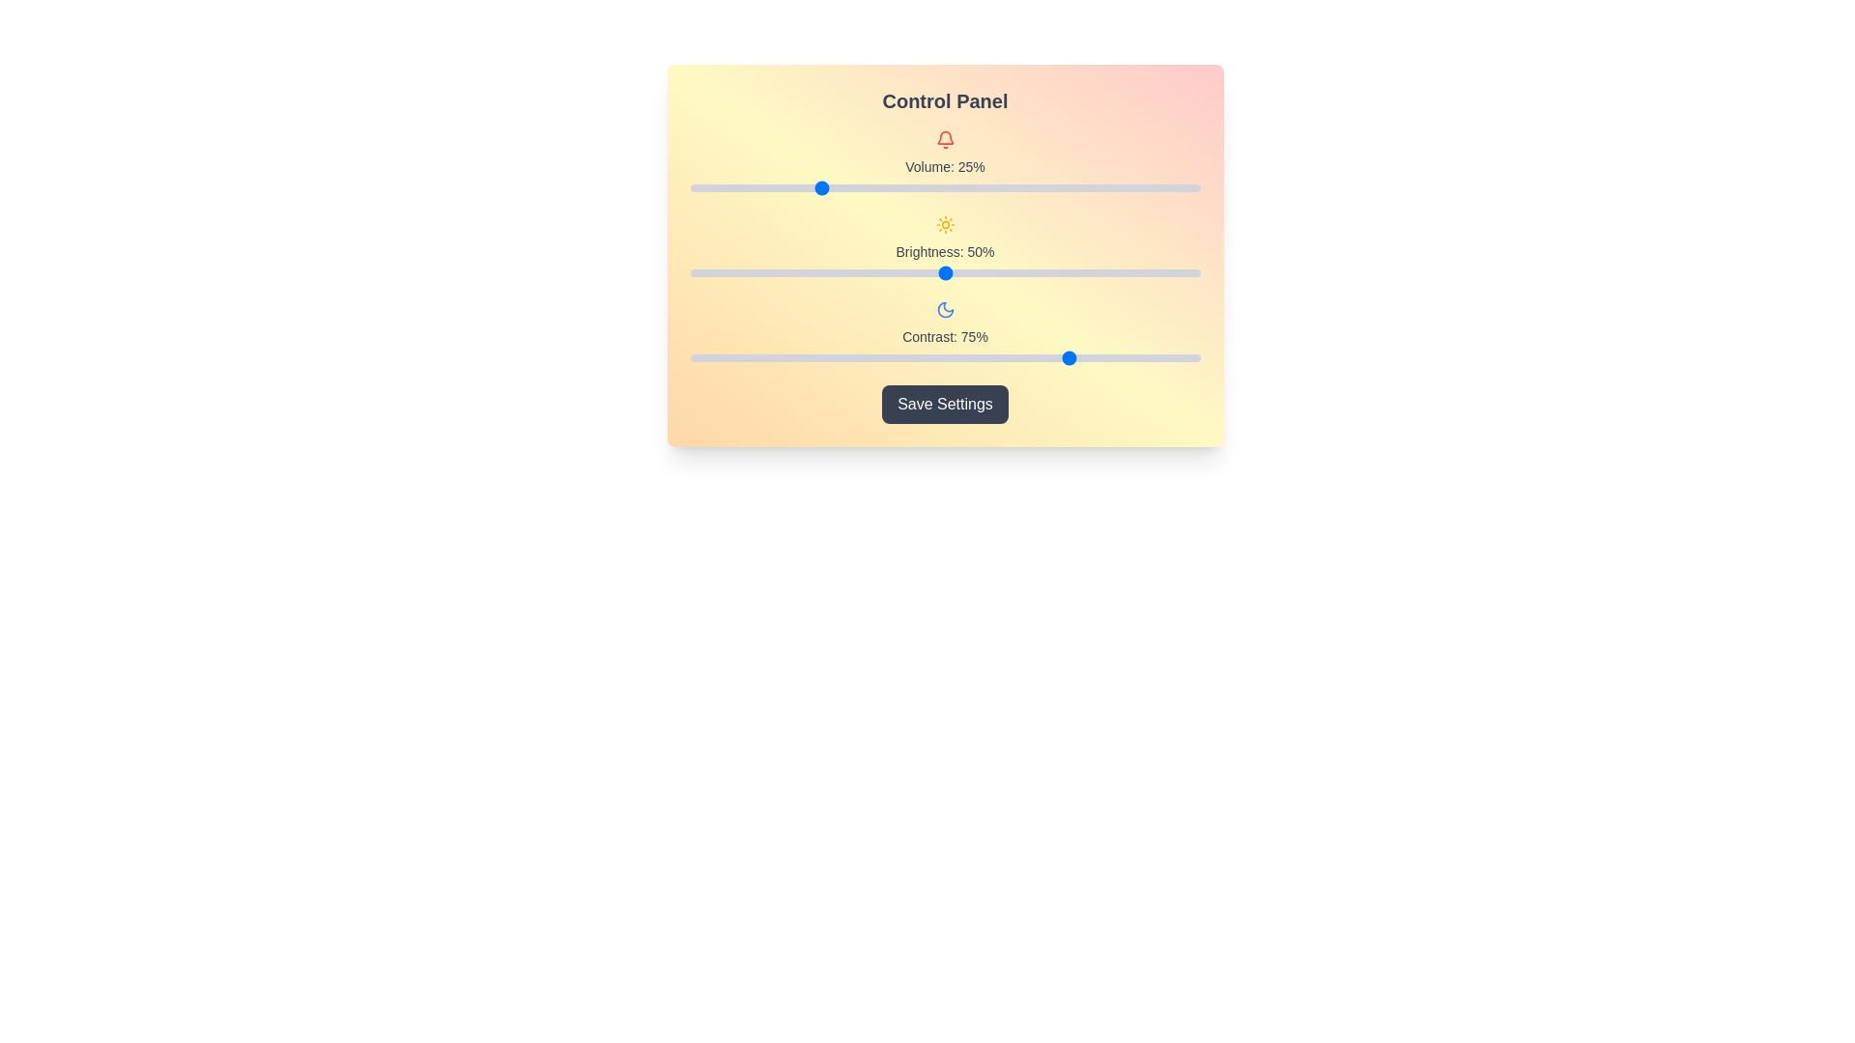 This screenshot has height=1043, width=1855. Describe the element at coordinates (1031, 357) in the screenshot. I see `contrast` at that location.